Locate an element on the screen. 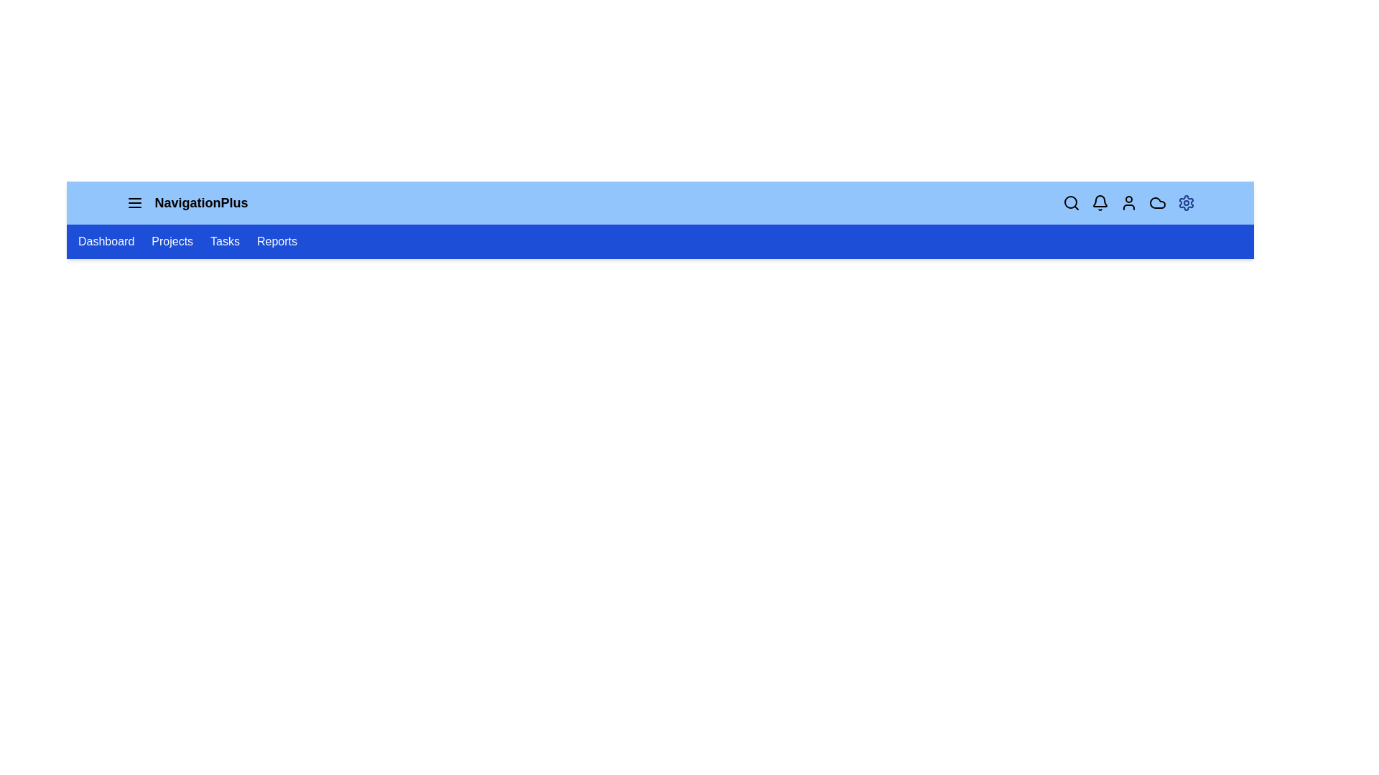  the menu button to toggle the menu visibility is located at coordinates (134, 202).